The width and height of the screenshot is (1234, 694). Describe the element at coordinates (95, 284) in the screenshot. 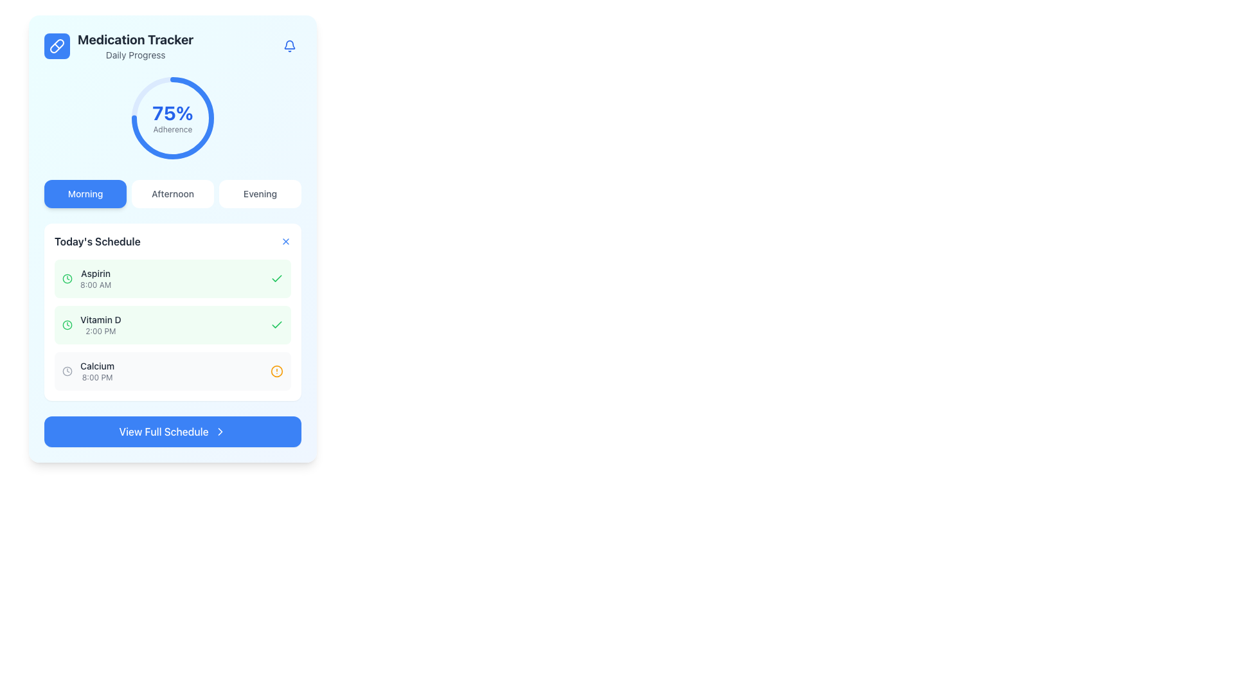

I see `the text indicating the scheduled time for the associated medication dosage located below the 'Aspirin' text within the green background in the 'Today's Schedule' section` at that location.